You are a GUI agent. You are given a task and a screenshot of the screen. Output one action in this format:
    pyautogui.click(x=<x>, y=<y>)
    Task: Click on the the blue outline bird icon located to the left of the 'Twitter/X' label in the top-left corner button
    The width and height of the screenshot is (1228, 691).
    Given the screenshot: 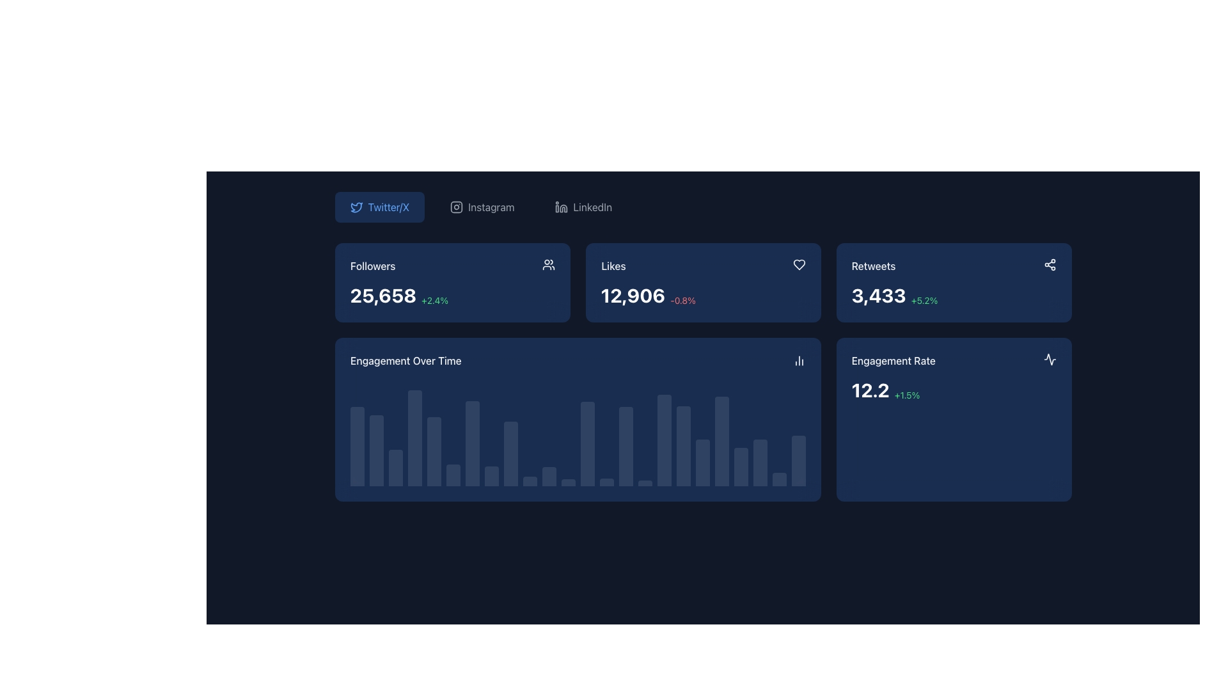 What is the action you would take?
    pyautogui.click(x=356, y=207)
    